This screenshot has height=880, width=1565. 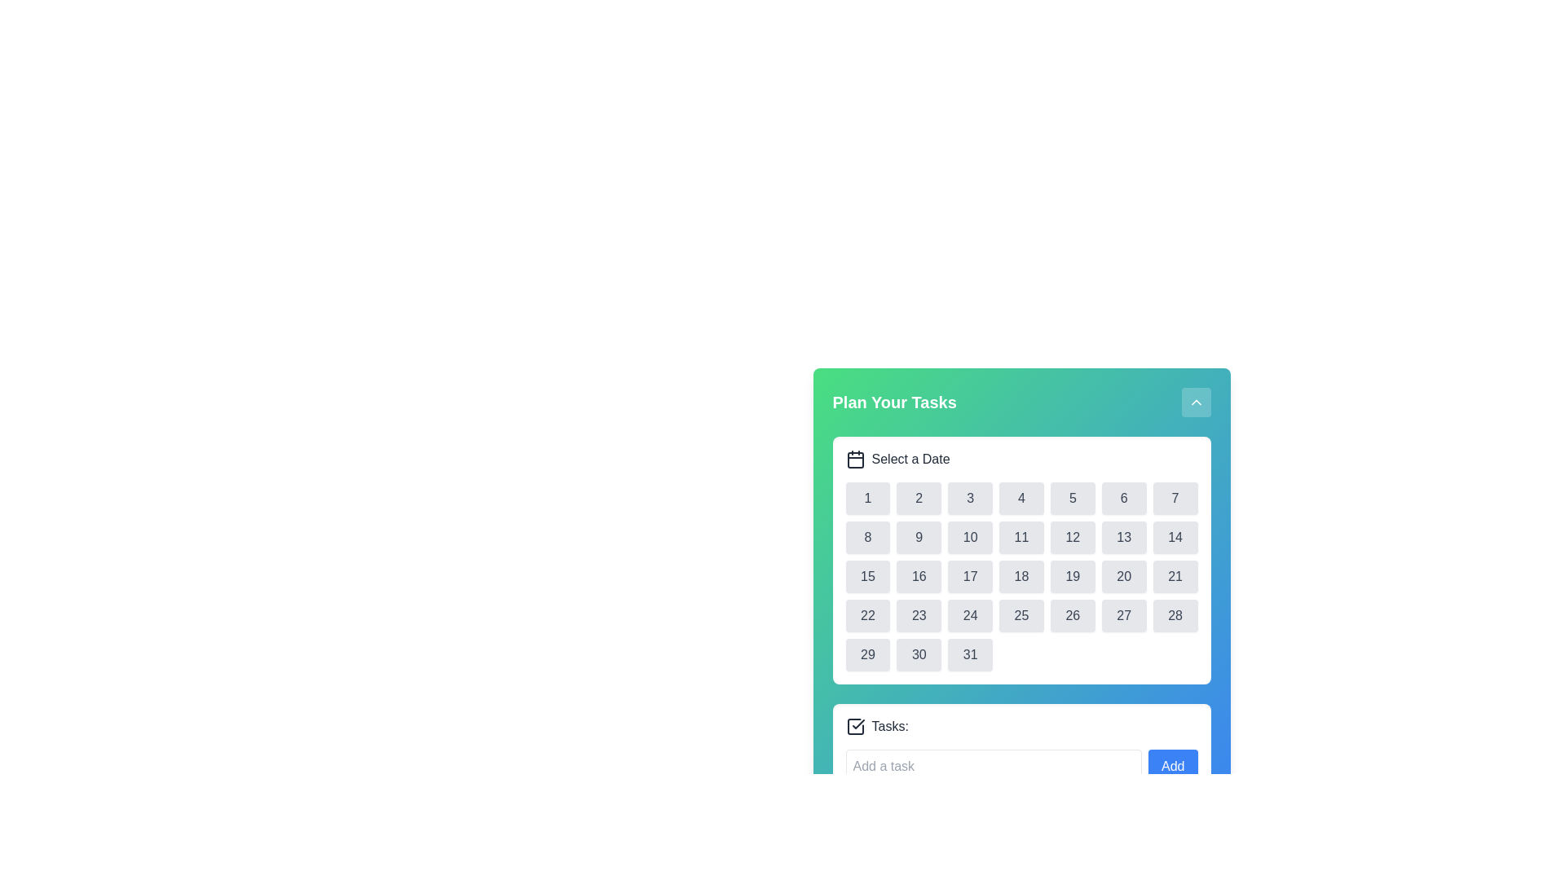 What do you see at coordinates (970, 498) in the screenshot?
I see `the button displaying the number '3' in the center` at bounding box center [970, 498].